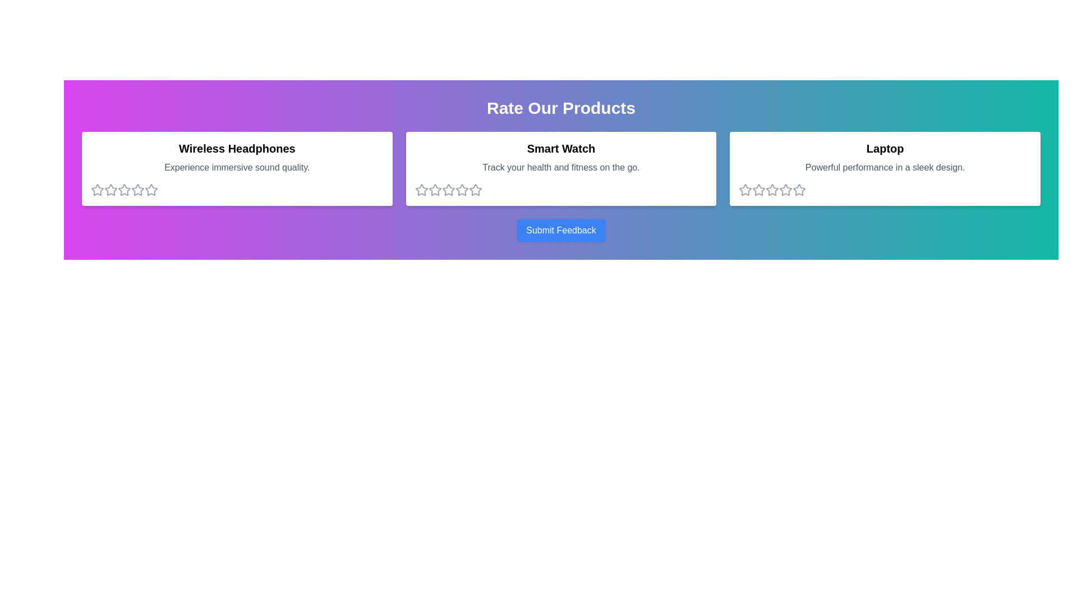 This screenshot has width=1077, height=606. What do you see at coordinates (785, 190) in the screenshot?
I see `the 4 star for the product Laptop to set its rating` at bounding box center [785, 190].